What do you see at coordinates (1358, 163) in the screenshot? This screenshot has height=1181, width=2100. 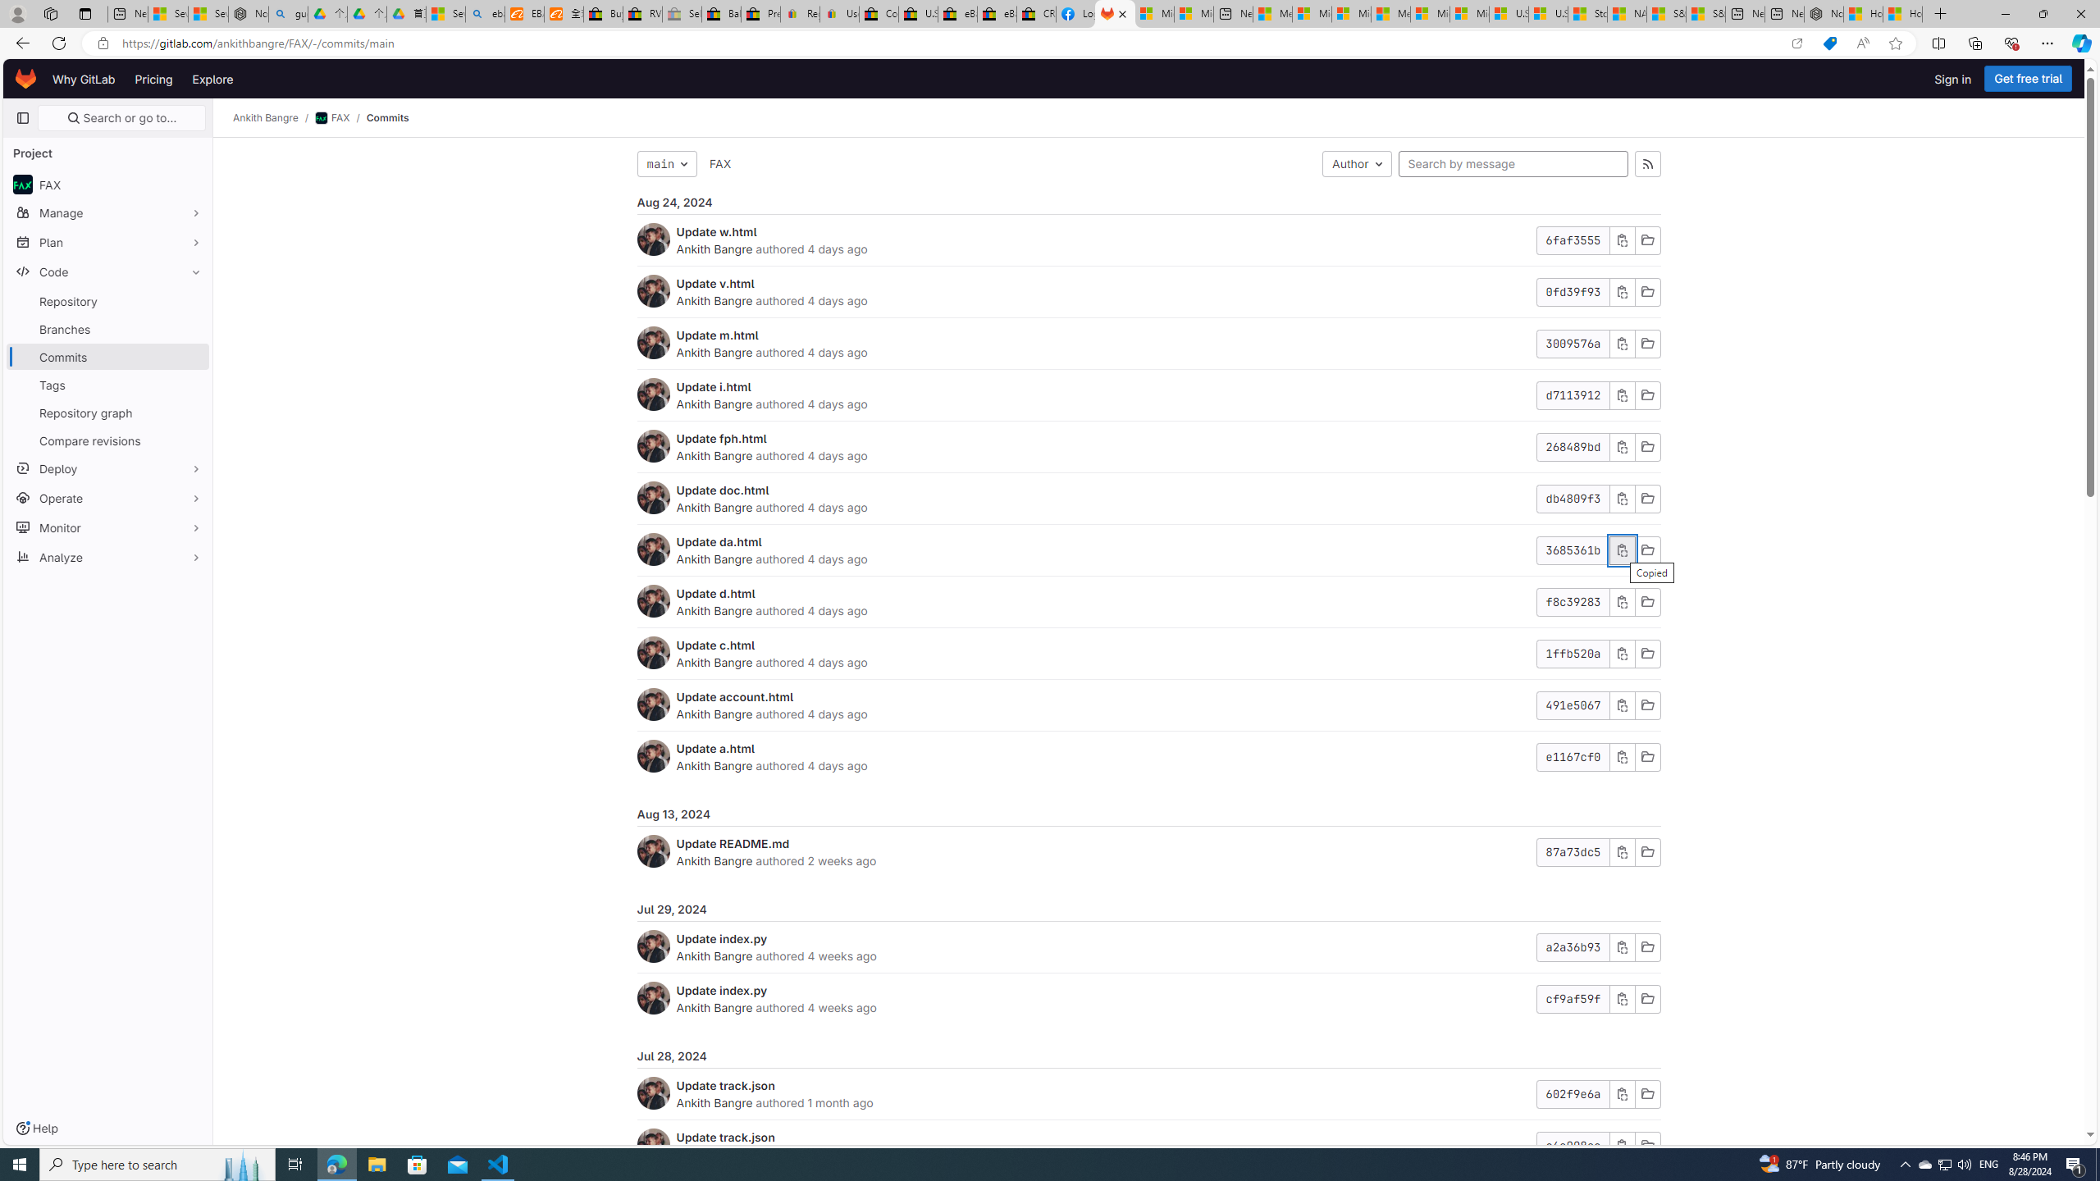 I see `'Author'` at bounding box center [1358, 163].